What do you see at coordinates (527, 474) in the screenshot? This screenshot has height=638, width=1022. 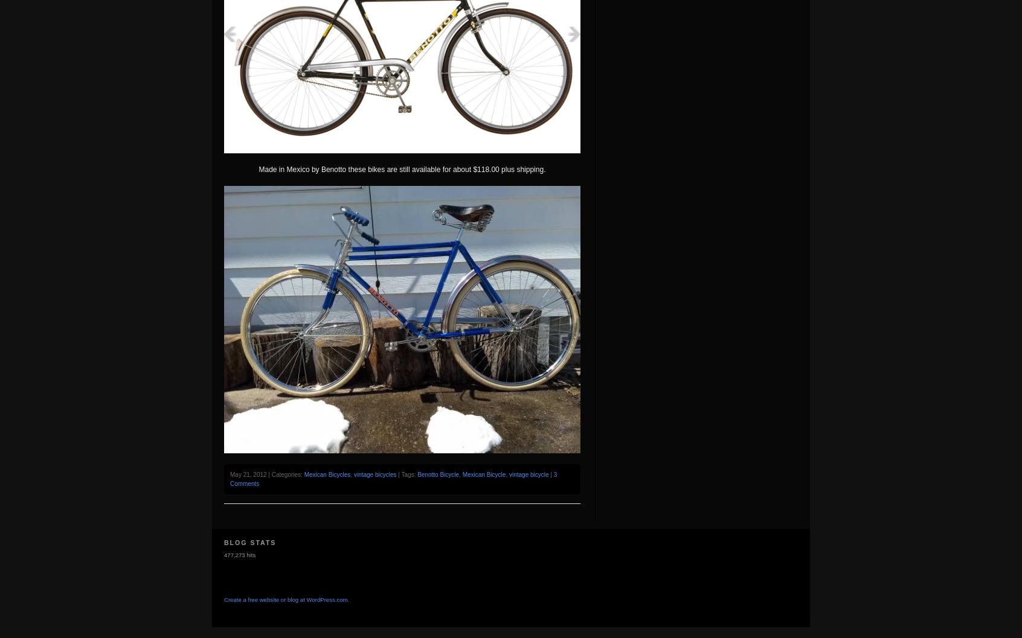 I see `'vintage bicycle'` at bounding box center [527, 474].